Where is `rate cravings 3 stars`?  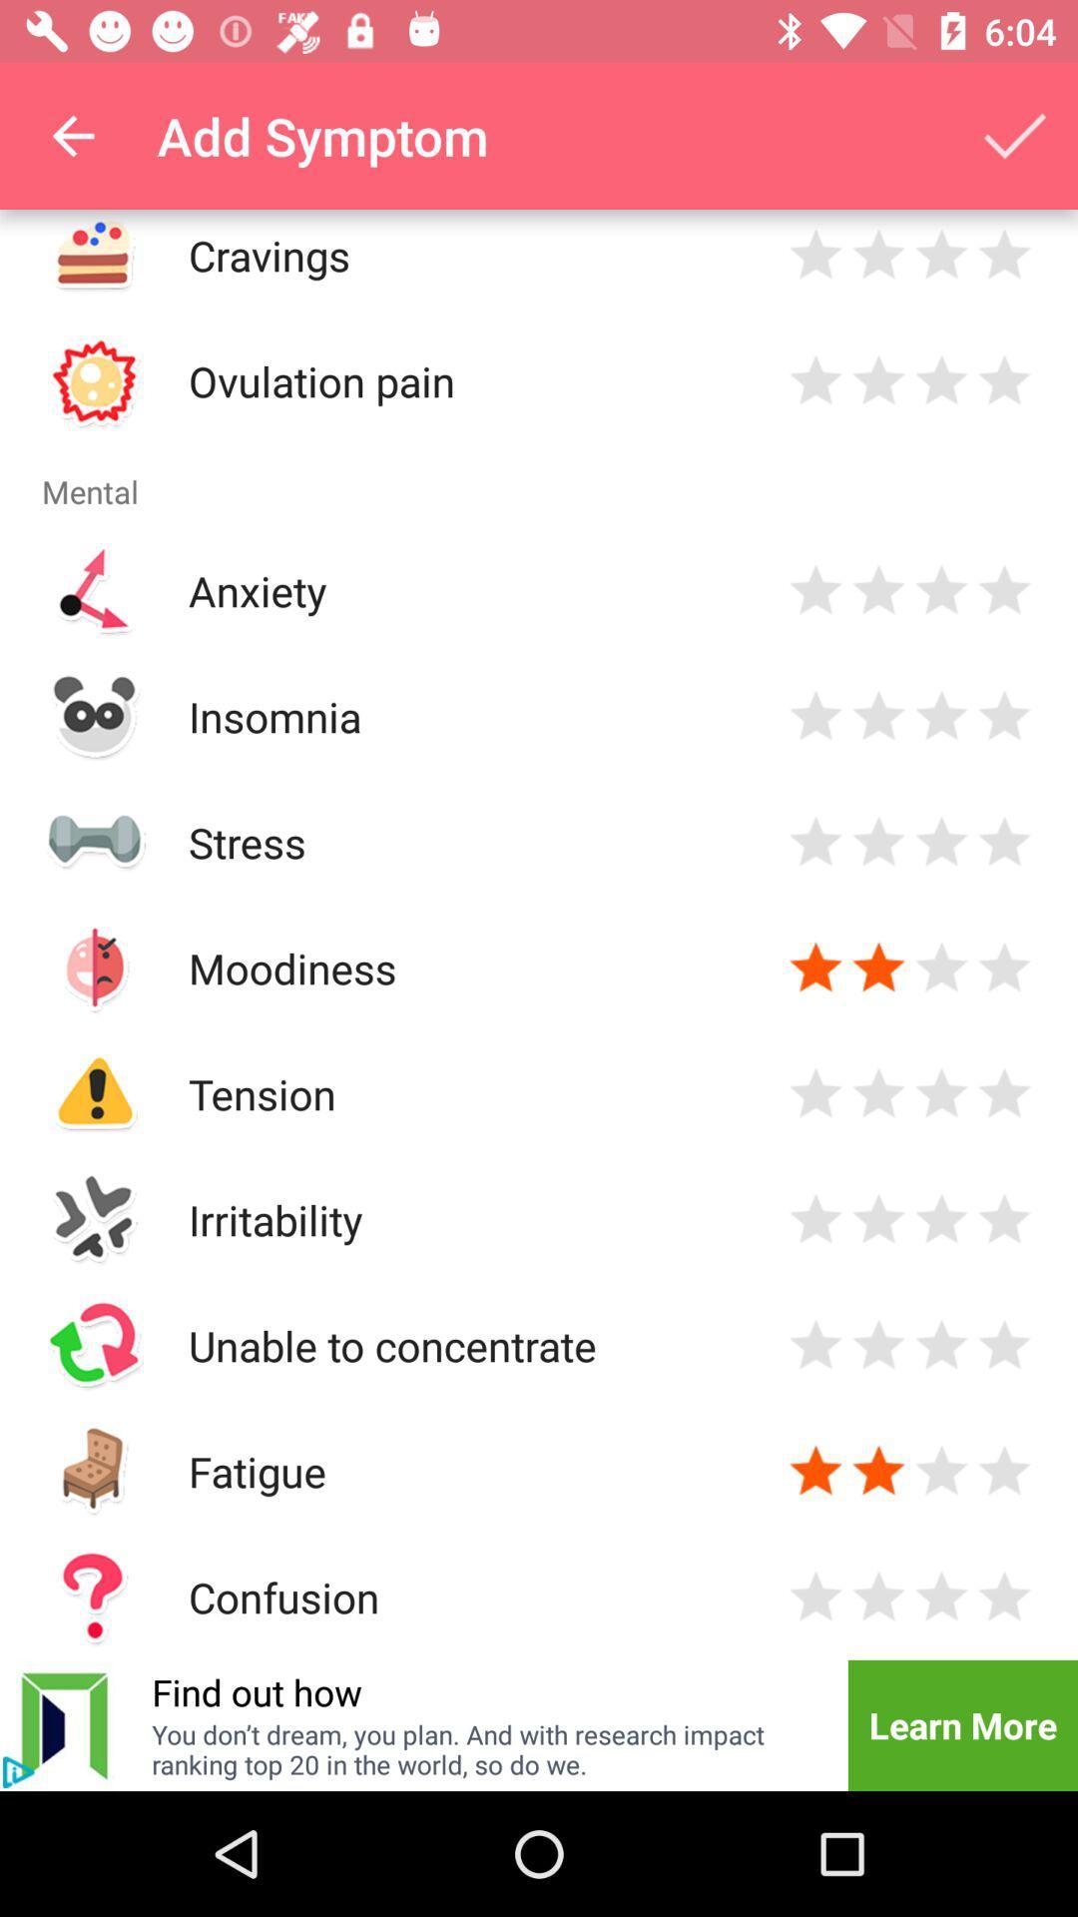
rate cravings 3 stars is located at coordinates (941, 254).